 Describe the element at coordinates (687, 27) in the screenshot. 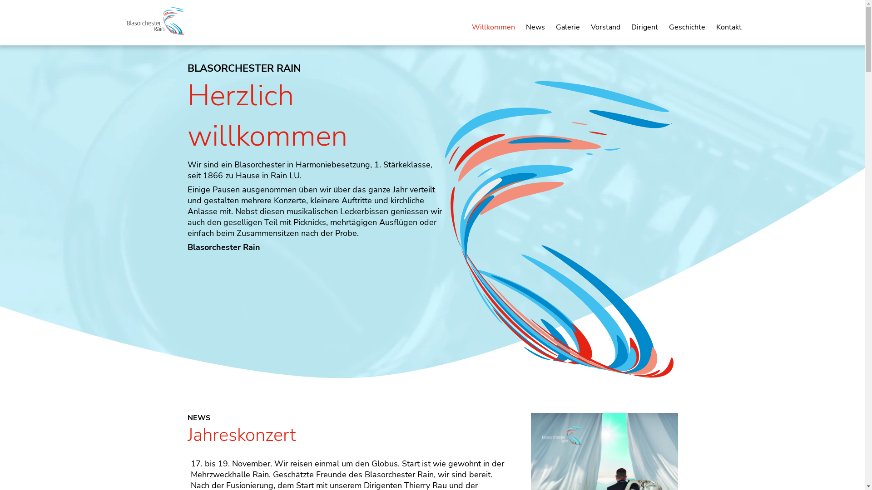

I see `'Geschichte'` at that location.